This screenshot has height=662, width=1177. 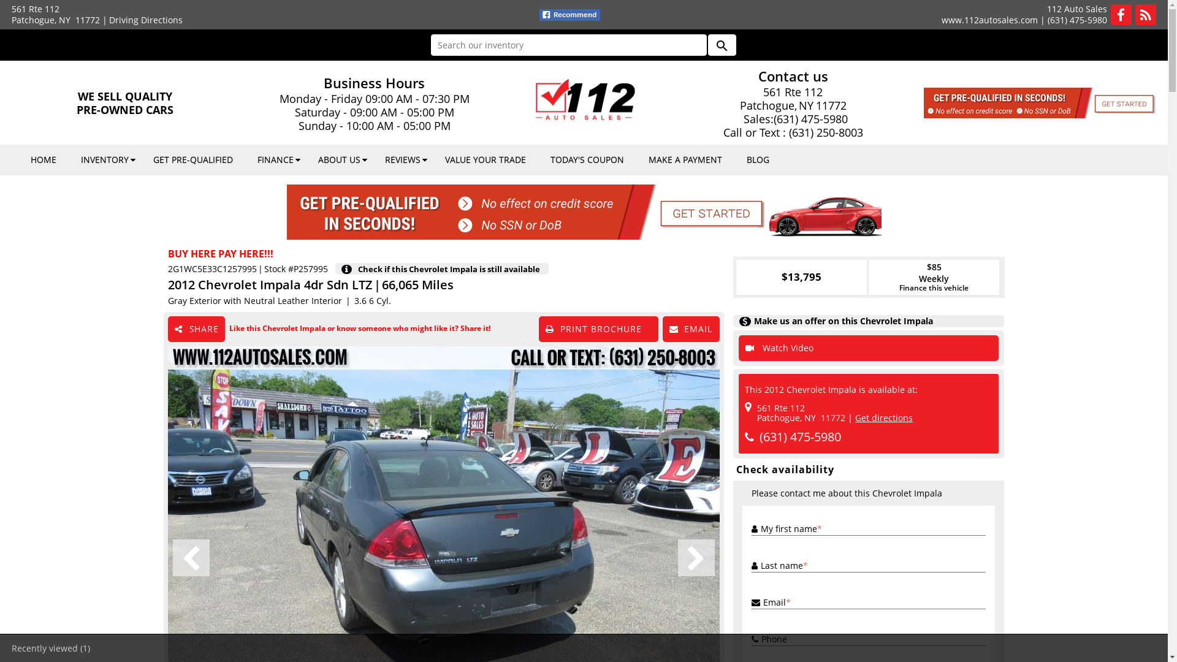 What do you see at coordinates (1076, 20) in the screenshot?
I see `'(631) 475-5980'` at bounding box center [1076, 20].